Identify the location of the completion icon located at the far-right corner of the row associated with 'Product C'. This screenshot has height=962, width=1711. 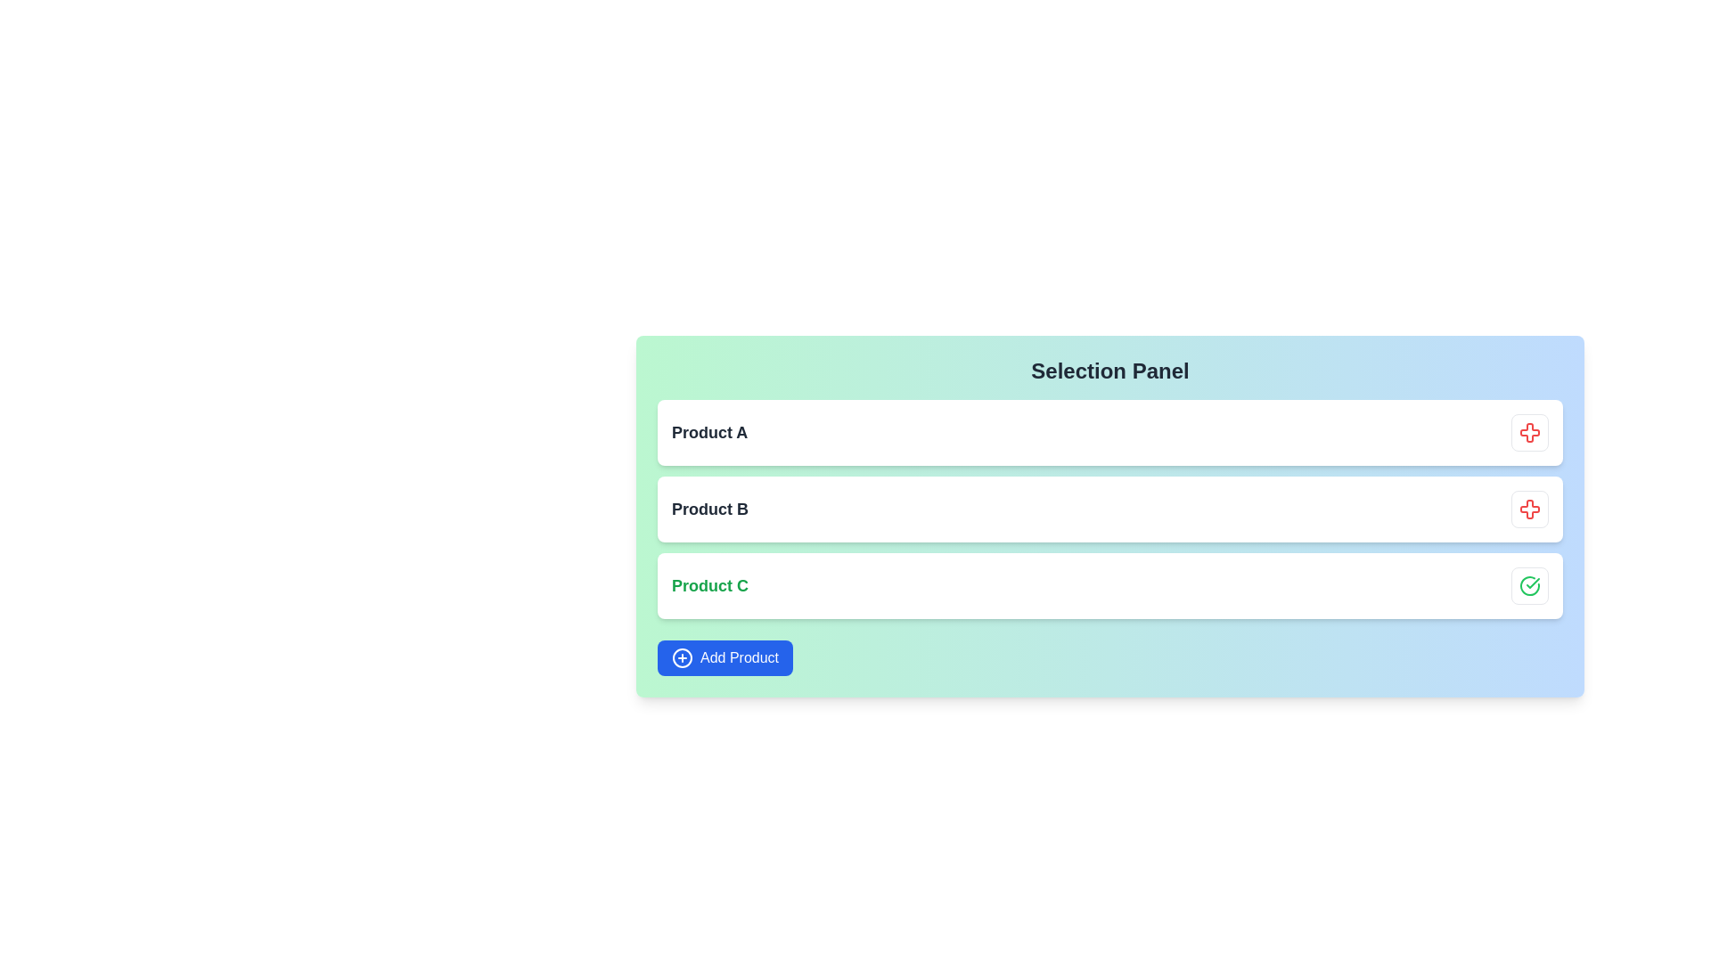
(1529, 586).